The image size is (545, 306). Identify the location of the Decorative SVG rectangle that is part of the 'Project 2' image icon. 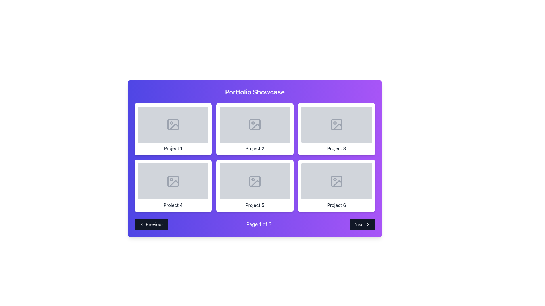
(254, 124).